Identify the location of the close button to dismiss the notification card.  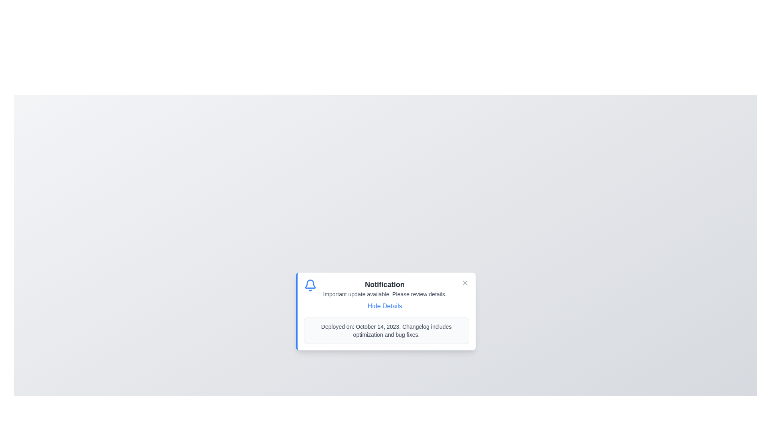
(465, 282).